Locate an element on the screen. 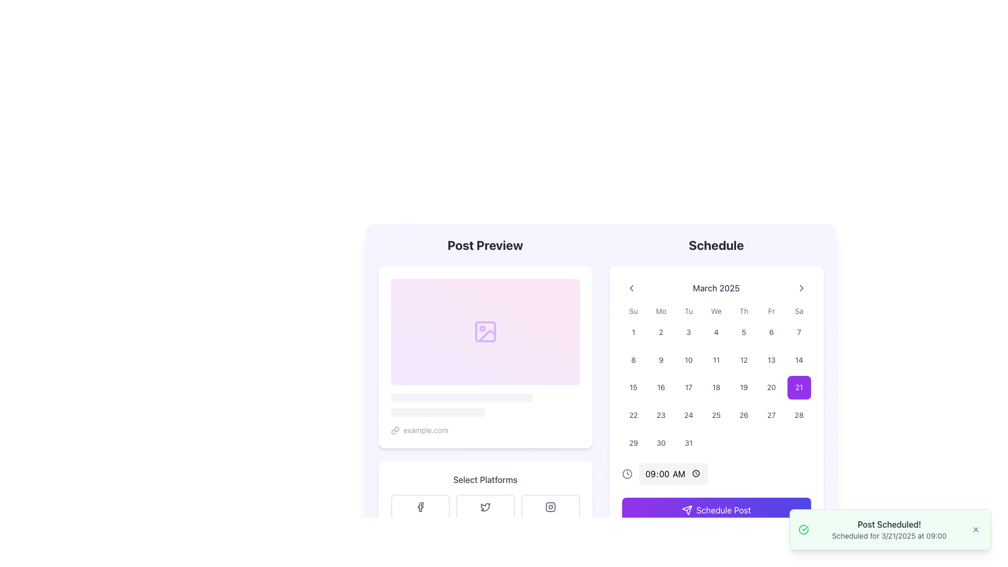 The image size is (1008, 567). the Instagram icon button, which is a small square with rounded edges and a camera-like graphic, located in the 'Select Platforms' section beneath the 'Post Preview' is located at coordinates (550, 506).